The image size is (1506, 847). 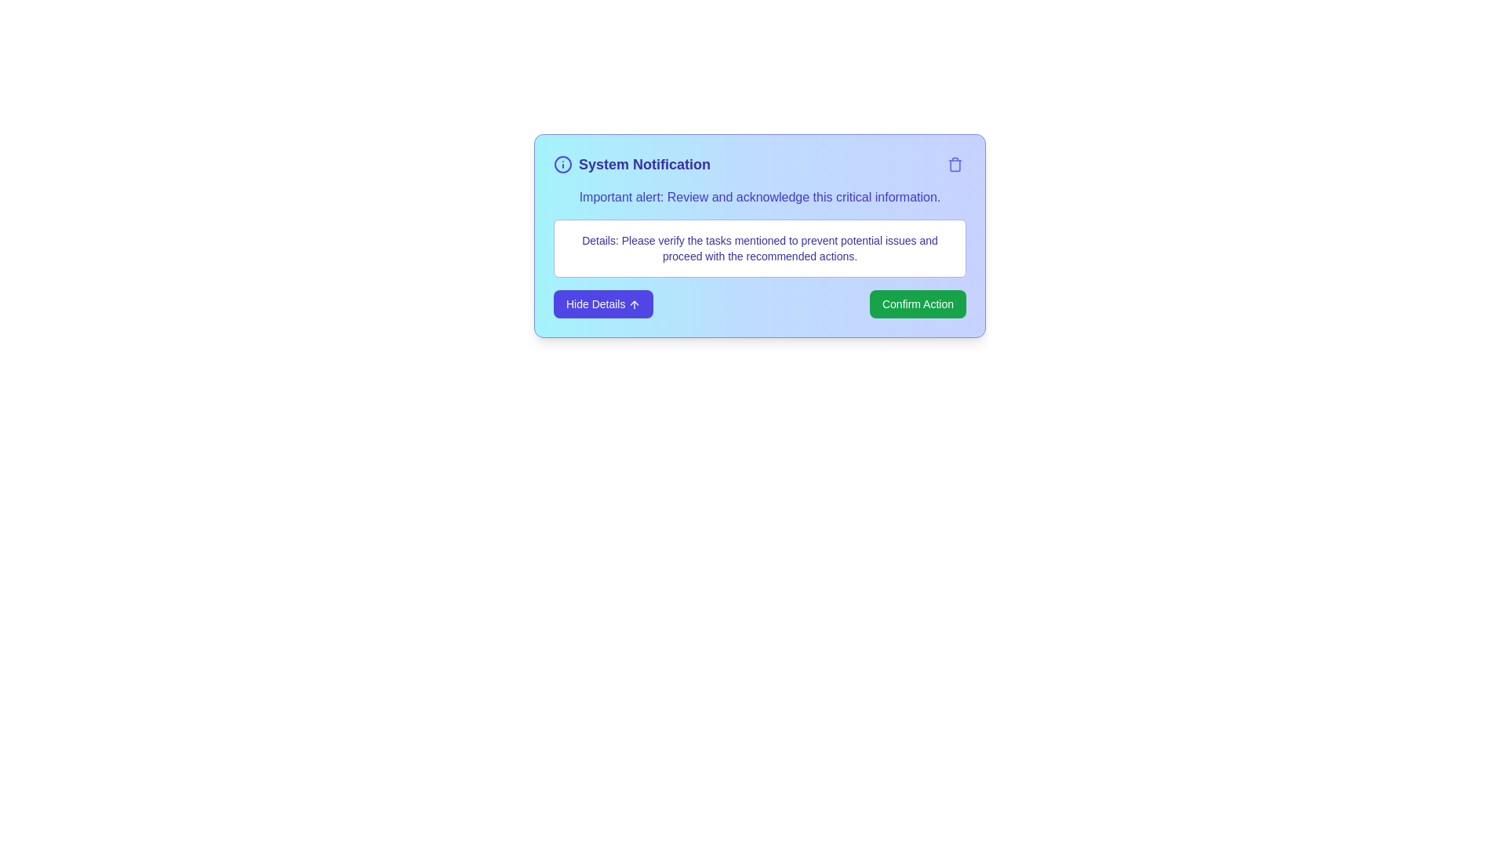 What do you see at coordinates (918, 304) in the screenshot?
I see `the 'Confirm Action' button to confirm the action` at bounding box center [918, 304].